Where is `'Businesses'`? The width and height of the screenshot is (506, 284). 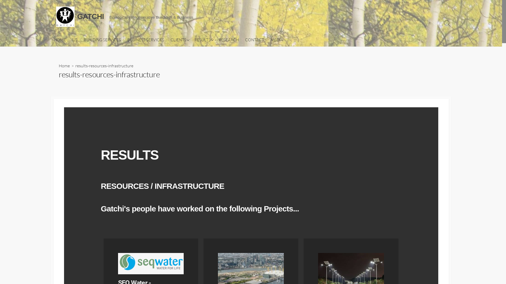
'Businesses' is located at coordinates (217, 86).